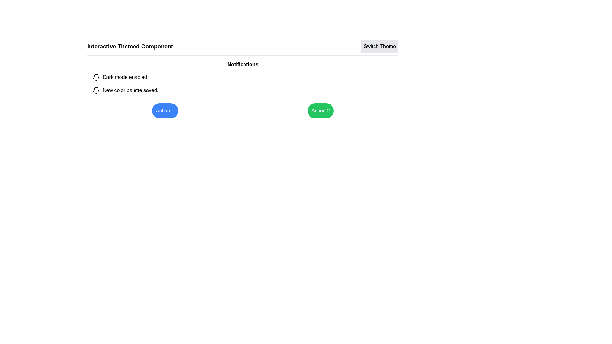 Image resolution: width=612 pixels, height=344 pixels. I want to click on the black outlined bell icon located in the 'Notifications' section, which precedes the text 'Dark mode enabled.', so click(96, 77).